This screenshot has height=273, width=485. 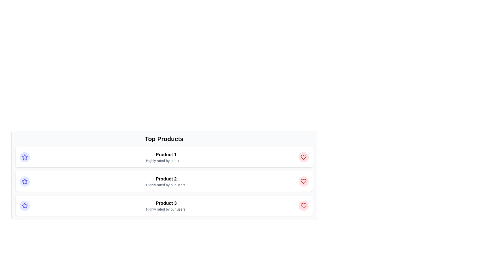 What do you see at coordinates (303, 157) in the screenshot?
I see `the heart icon button located at the right end of the first row of product listings` at bounding box center [303, 157].